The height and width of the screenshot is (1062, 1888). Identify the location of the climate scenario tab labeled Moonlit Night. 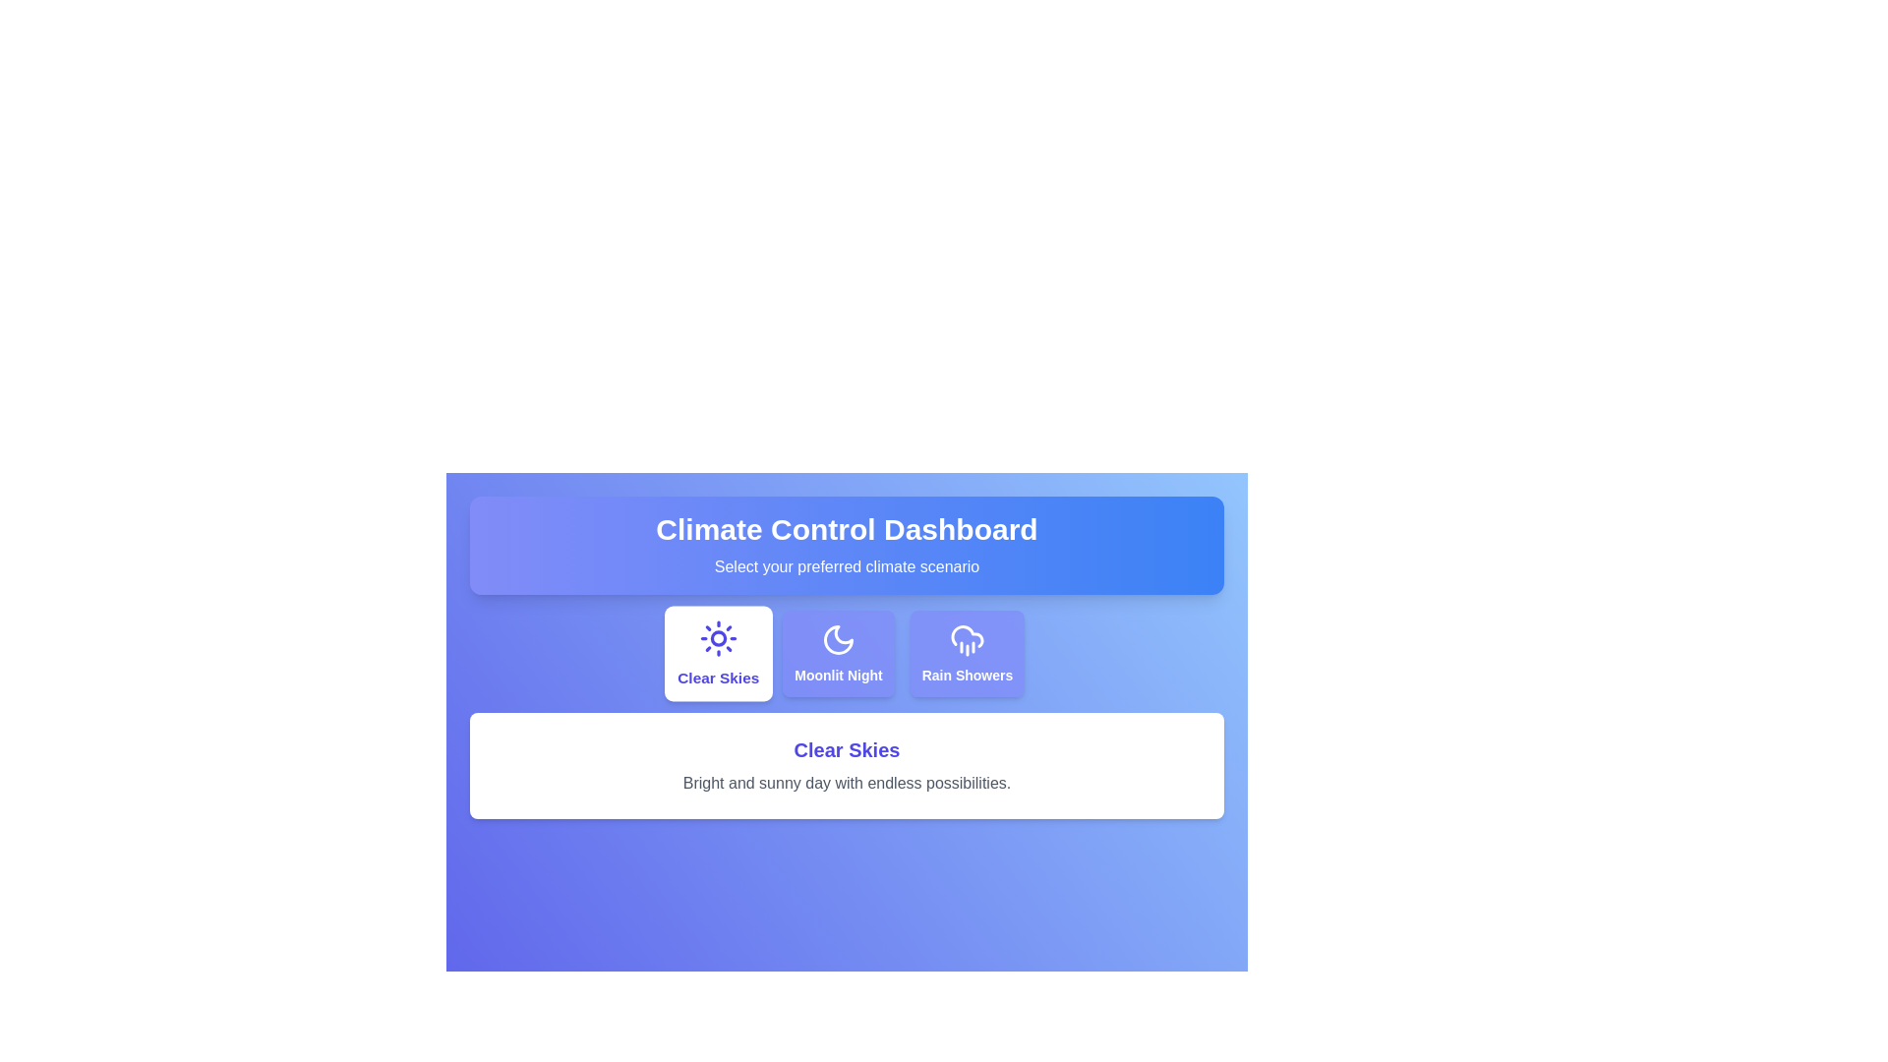
(837, 653).